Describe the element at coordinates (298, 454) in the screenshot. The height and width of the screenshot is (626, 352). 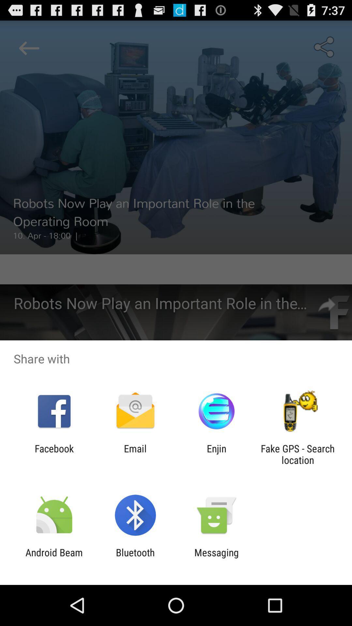
I see `the item to the right of enjin` at that location.